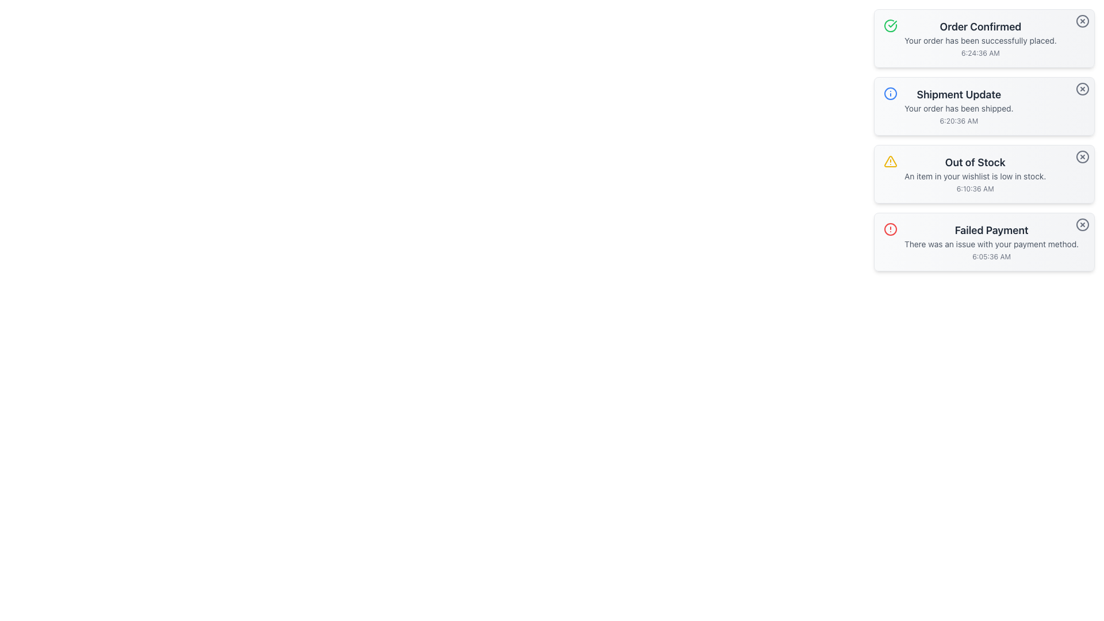 The height and width of the screenshot is (621, 1104). Describe the element at coordinates (959, 94) in the screenshot. I see `the 'Shipment Update' heading text label, which is the topmost text in the second notification card on the right side of the interface` at that location.